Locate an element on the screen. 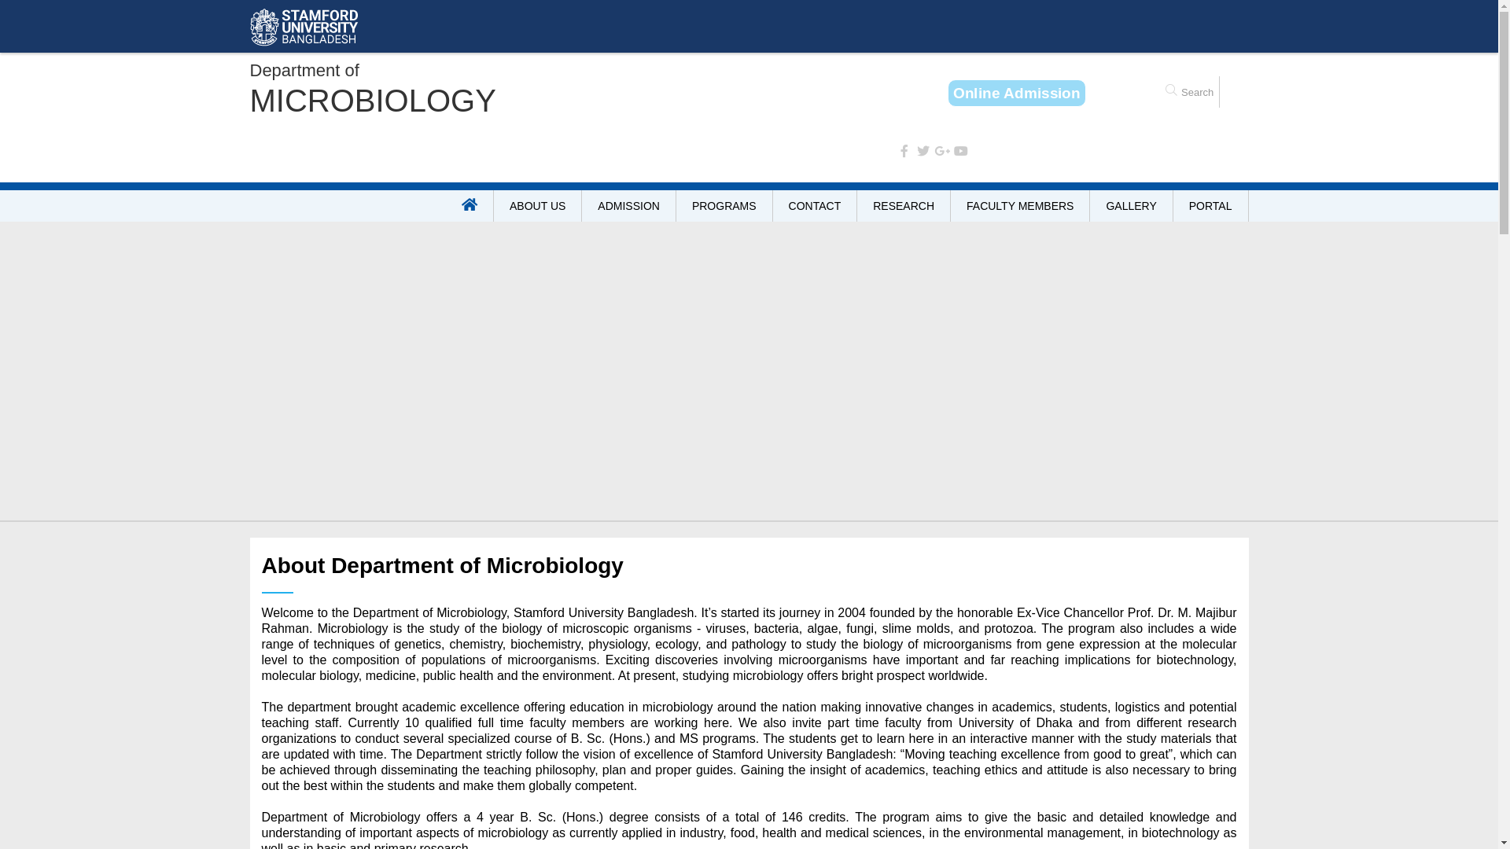 This screenshot has width=1510, height=849. 'GALLERY' is located at coordinates (1130, 205).